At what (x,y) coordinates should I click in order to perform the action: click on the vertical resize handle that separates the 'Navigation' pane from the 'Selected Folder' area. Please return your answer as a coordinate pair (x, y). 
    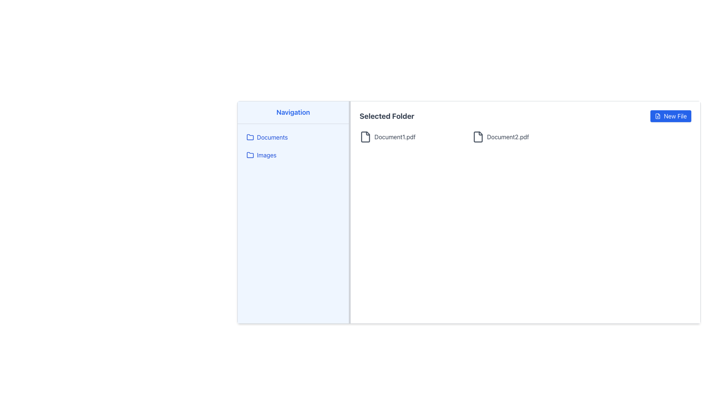
    Looking at the image, I should click on (349, 212).